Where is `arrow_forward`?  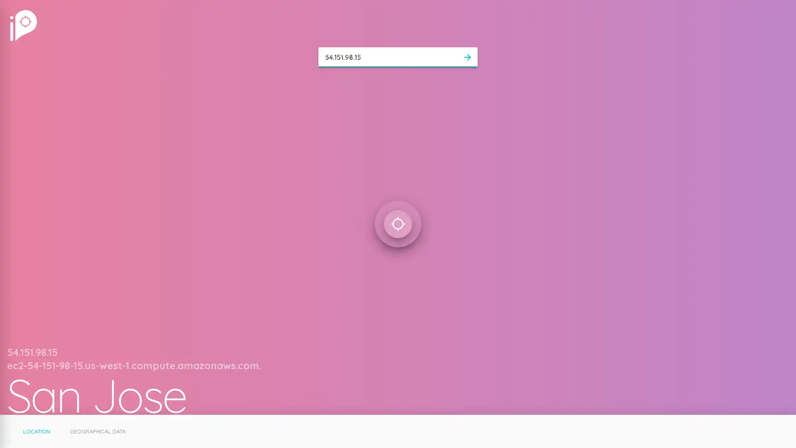 arrow_forward is located at coordinates (468, 57).